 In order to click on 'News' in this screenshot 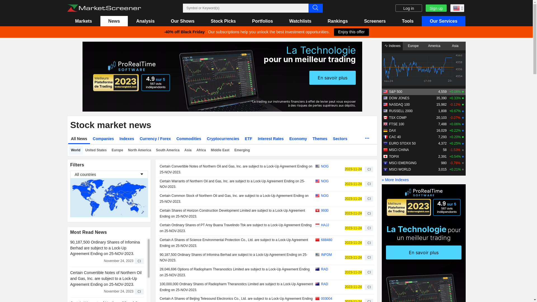, I will do `click(114, 21)`.